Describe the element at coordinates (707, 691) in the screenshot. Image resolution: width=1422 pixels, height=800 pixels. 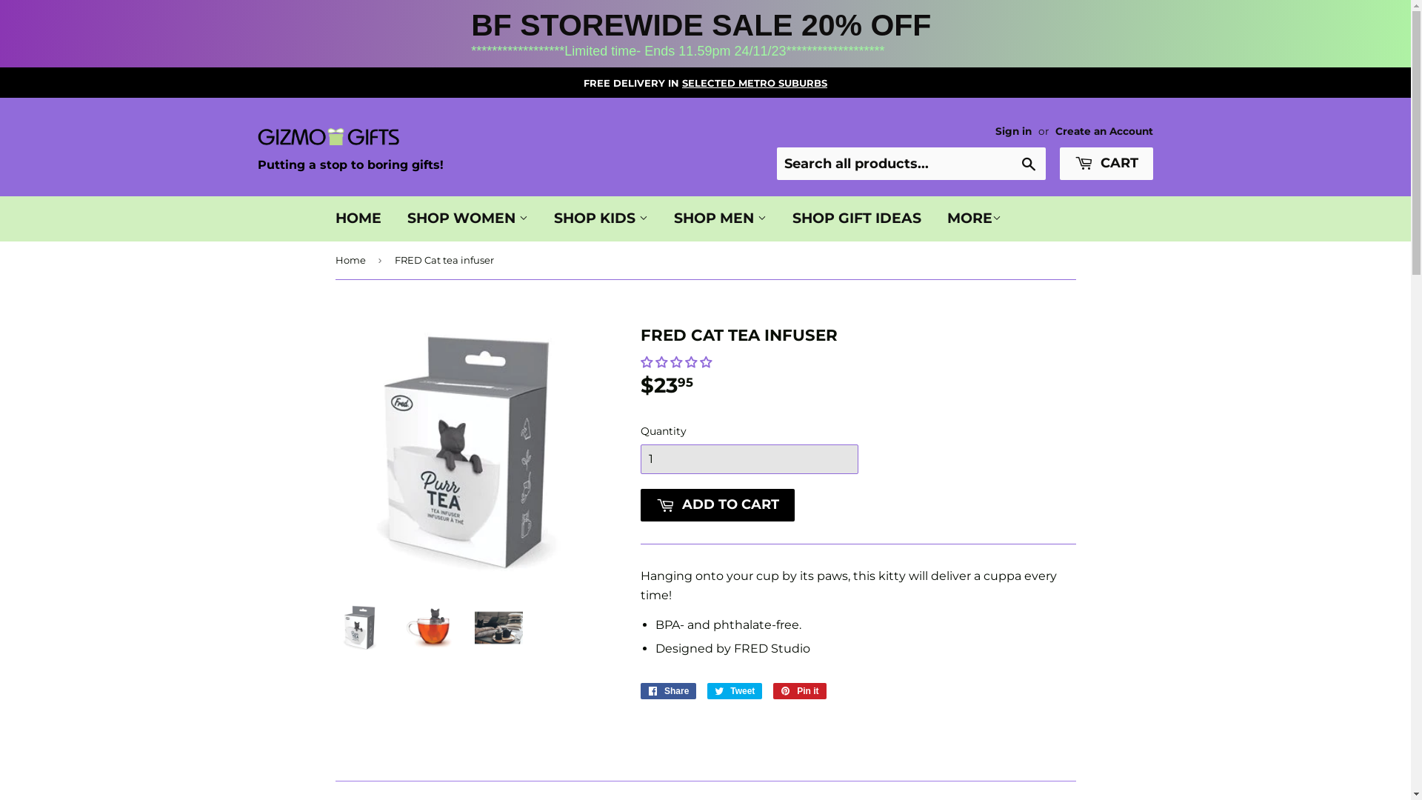
I see `'Tweet` at that location.